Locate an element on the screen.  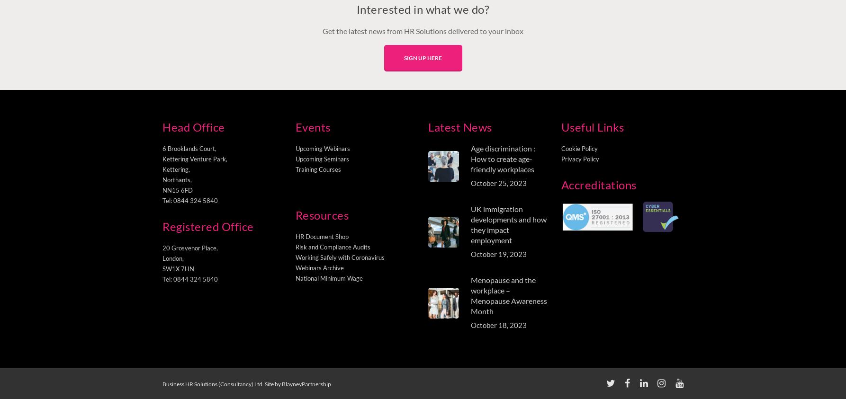
'Upcoming Seminars' is located at coordinates (322, 159).